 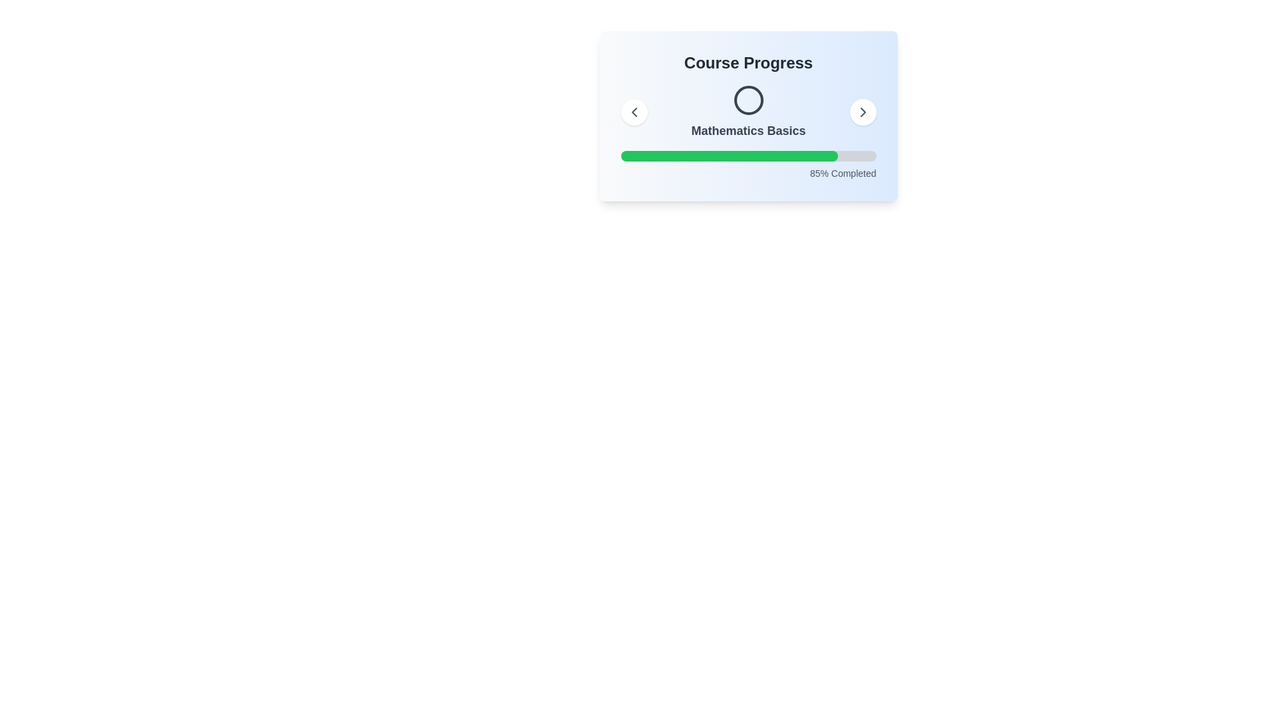 What do you see at coordinates (748, 112) in the screenshot?
I see `text content of the label displaying 'Mathematics Basics', which is a bold dark gray text located centrally below a circular icon` at bounding box center [748, 112].